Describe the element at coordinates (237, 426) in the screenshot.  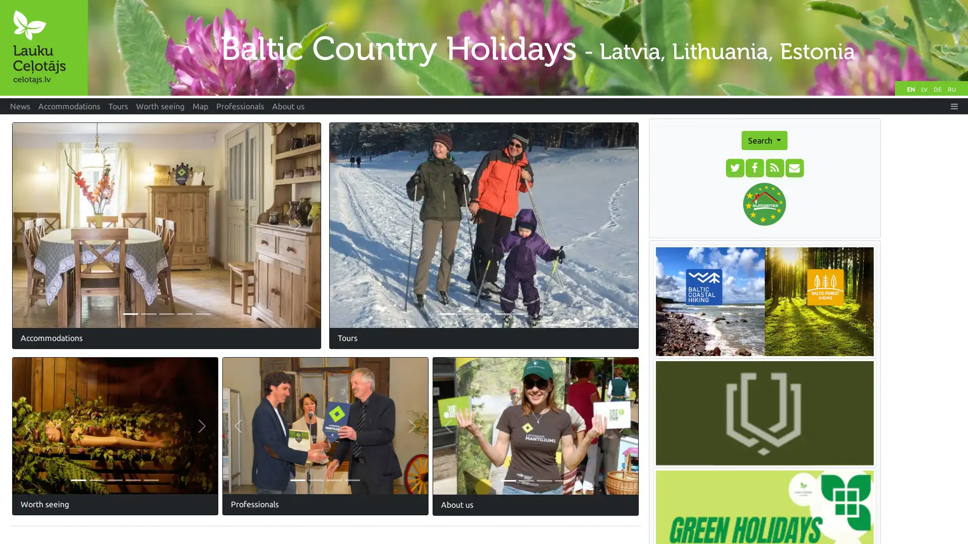
I see `Previous` at that location.